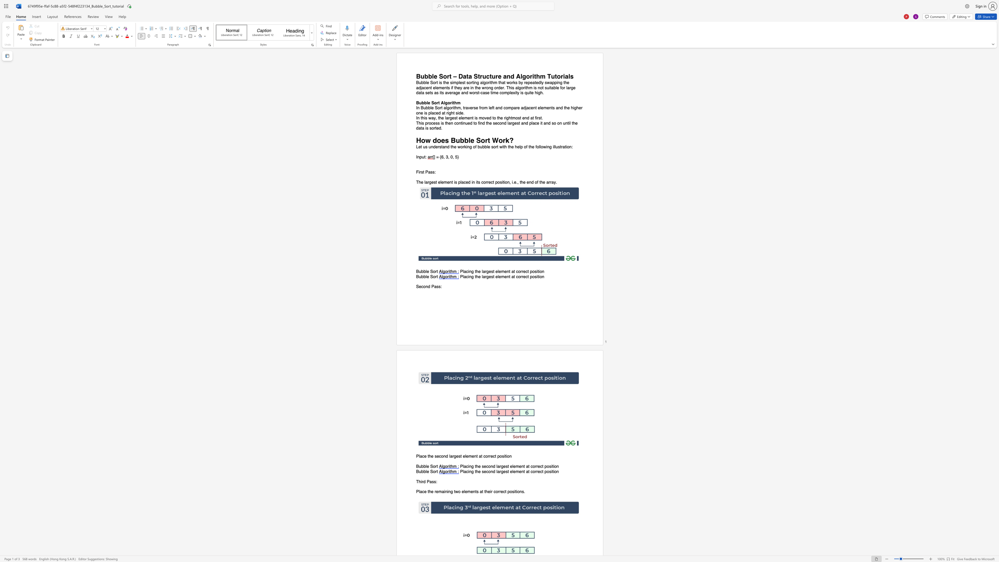 Image resolution: width=999 pixels, height=562 pixels. I want to click on the 2th character "s" in the text, so click(431, 172).